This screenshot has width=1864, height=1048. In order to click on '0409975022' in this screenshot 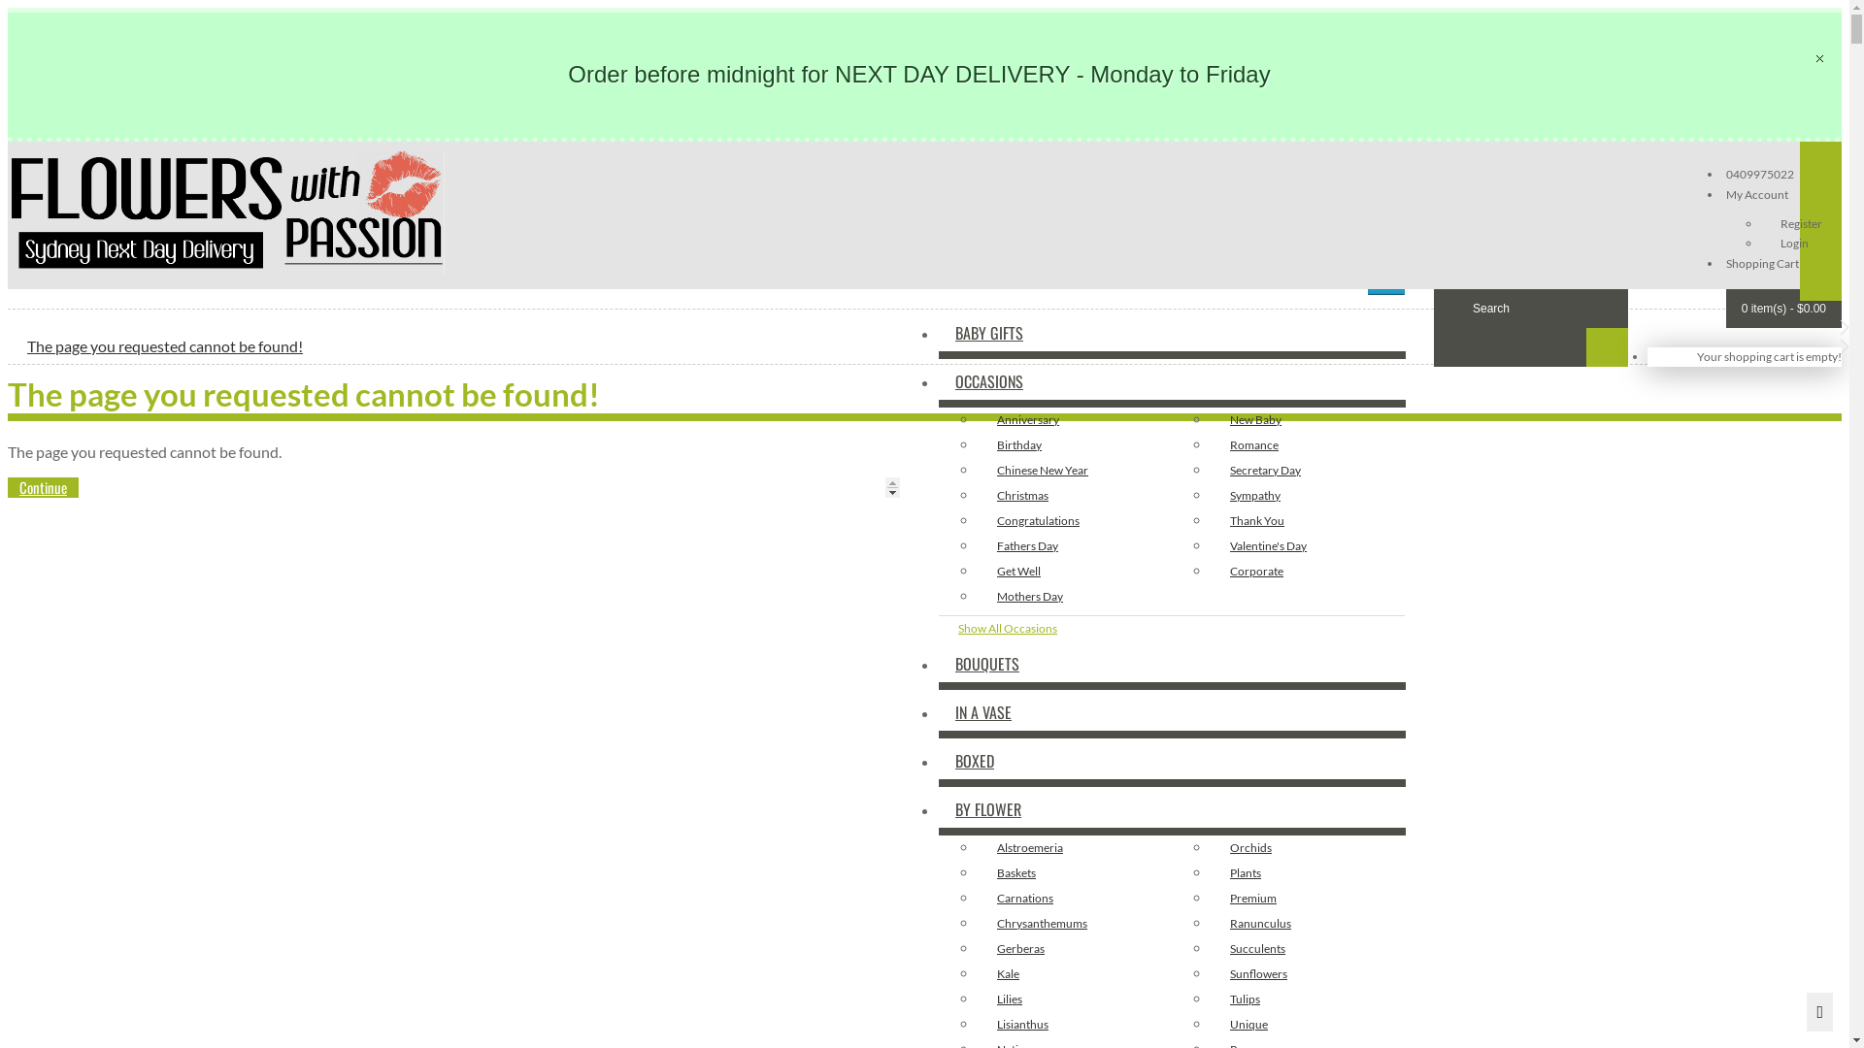, I will do `click(1760, 173)`.